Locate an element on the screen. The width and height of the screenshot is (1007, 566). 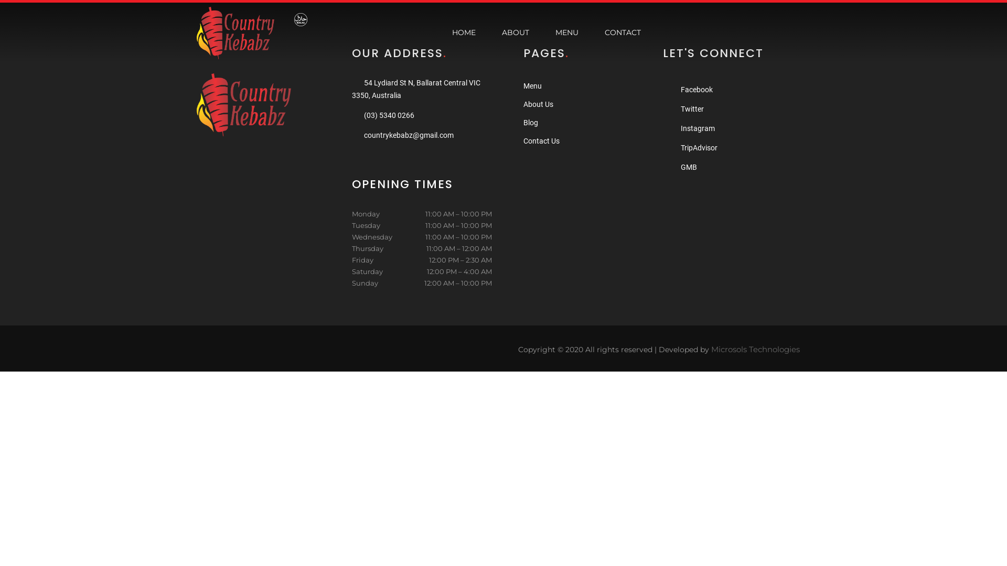
'Instagram' is located at coordinates (698, 128).